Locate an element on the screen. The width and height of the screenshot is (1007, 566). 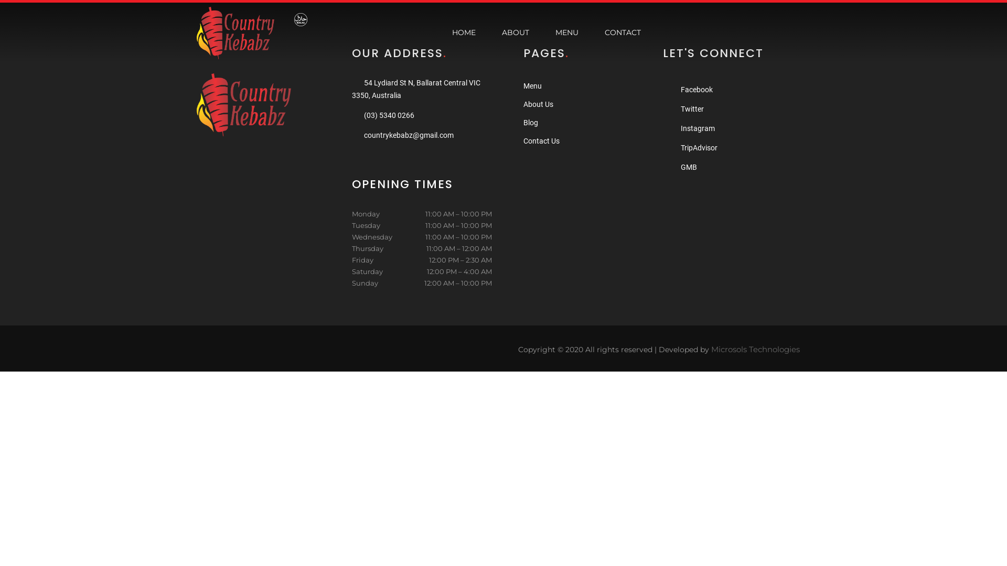
'Instagram' is located at coordinates (698, 128).